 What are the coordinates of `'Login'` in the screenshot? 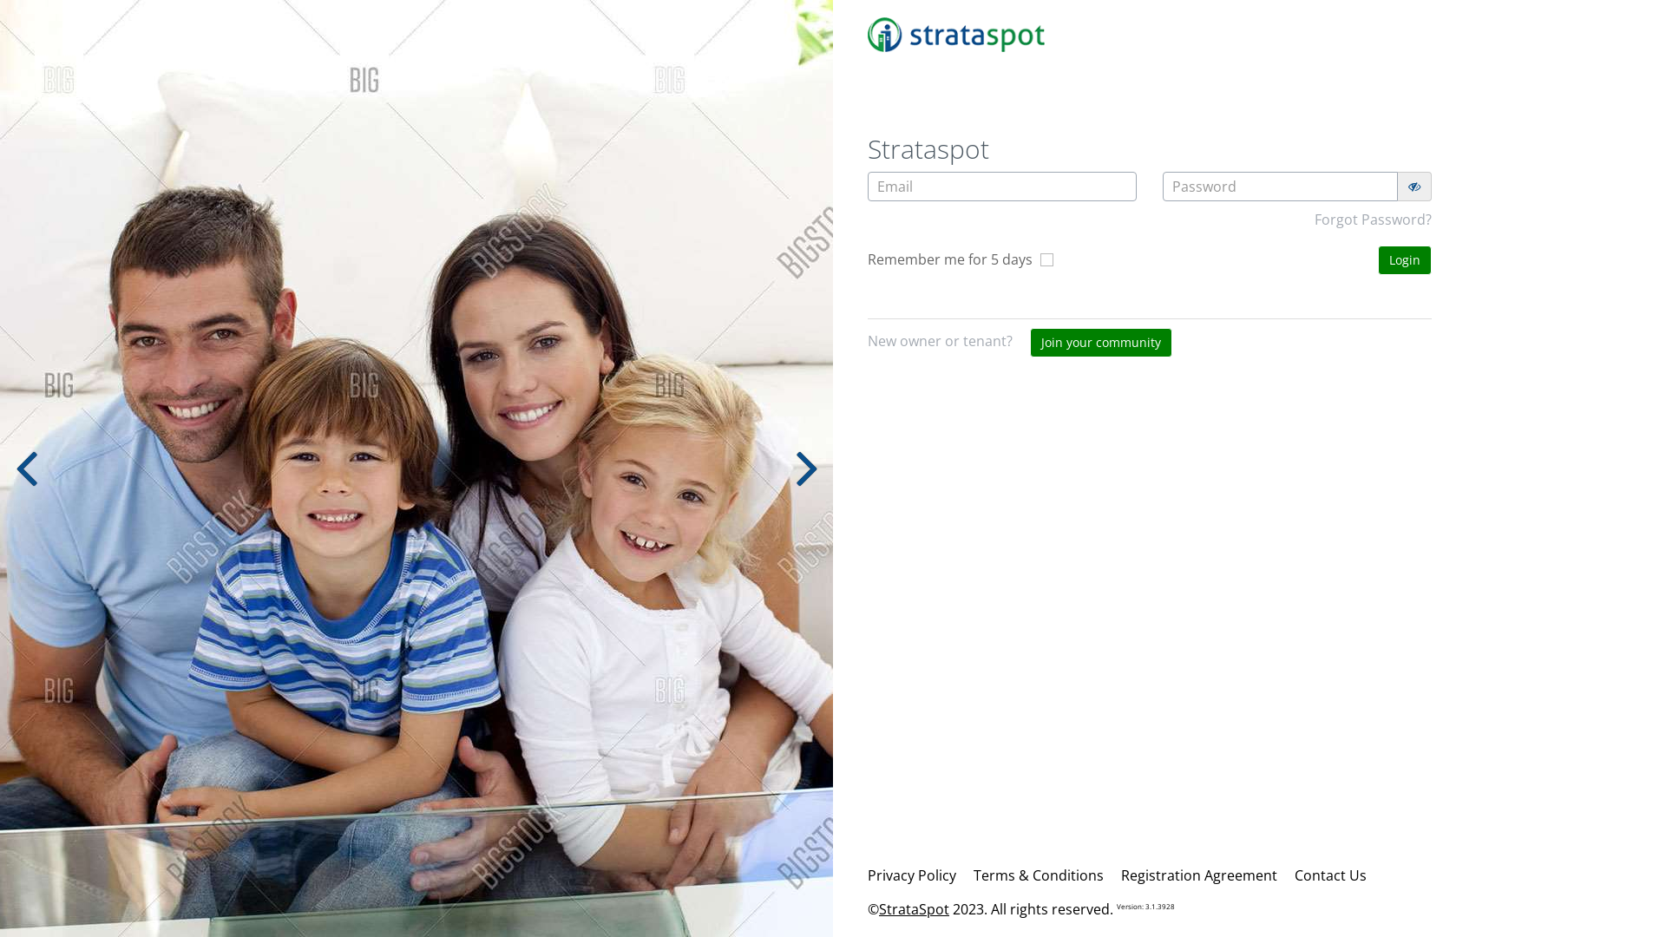 It's located at (1404, 260).